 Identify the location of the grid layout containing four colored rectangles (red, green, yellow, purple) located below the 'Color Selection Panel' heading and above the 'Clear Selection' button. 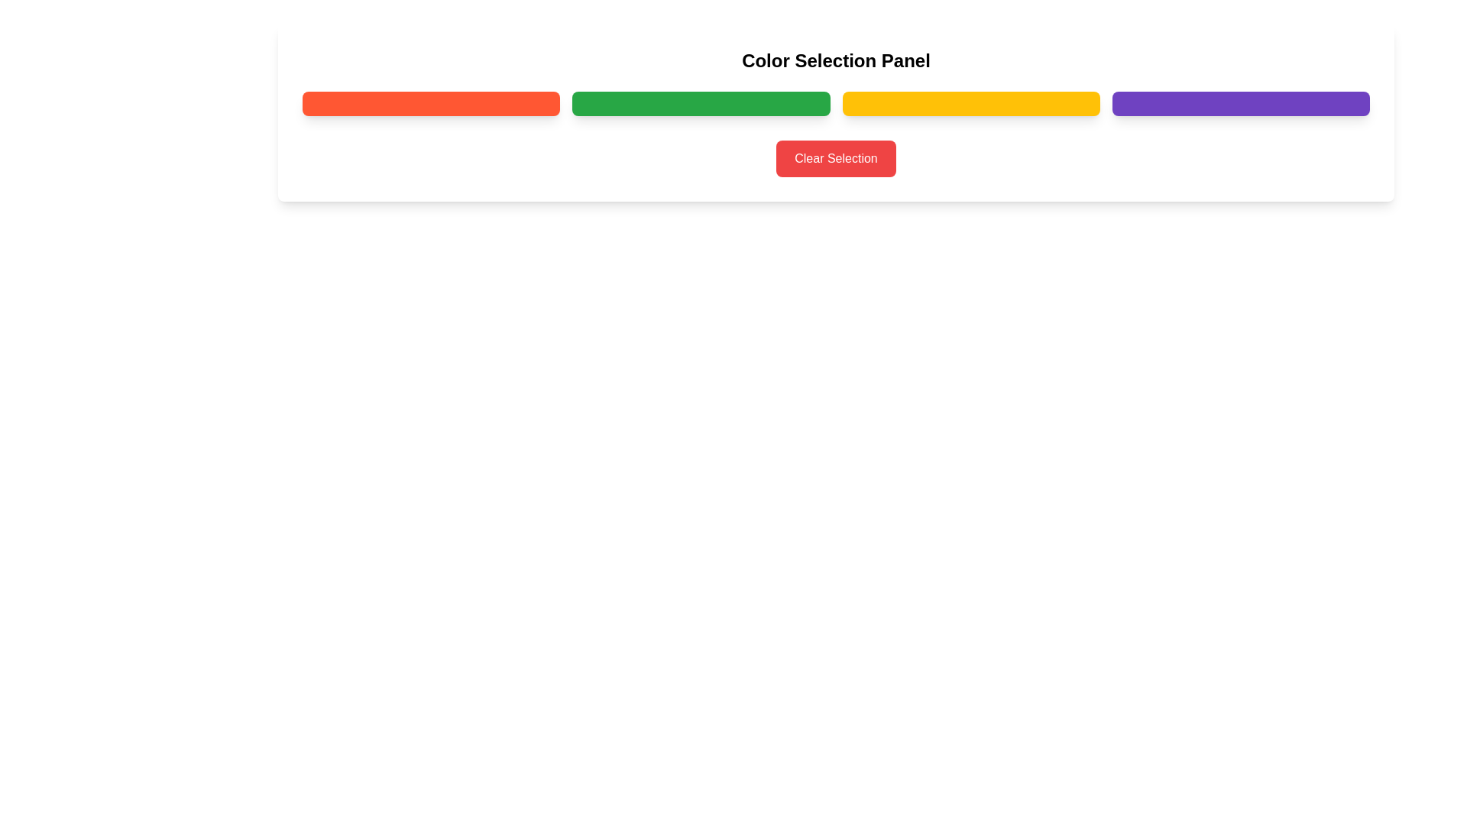
(835, 103).